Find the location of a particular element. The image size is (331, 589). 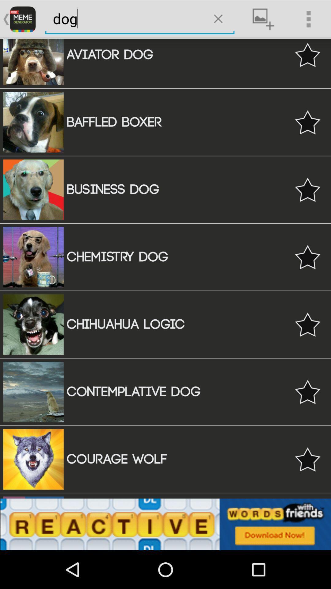

the second image on the top left corner of the web page is located at coordinates (33, 122).